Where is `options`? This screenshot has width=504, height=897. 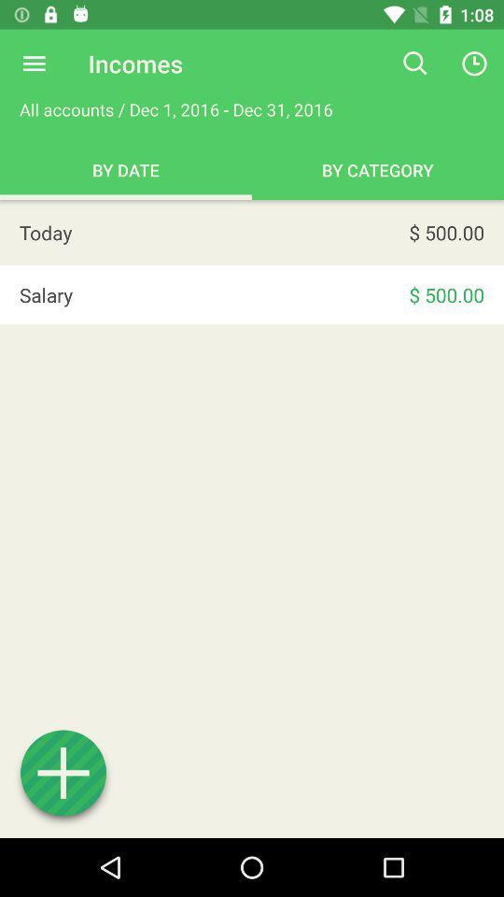 options is located at coordinates (34, 64).